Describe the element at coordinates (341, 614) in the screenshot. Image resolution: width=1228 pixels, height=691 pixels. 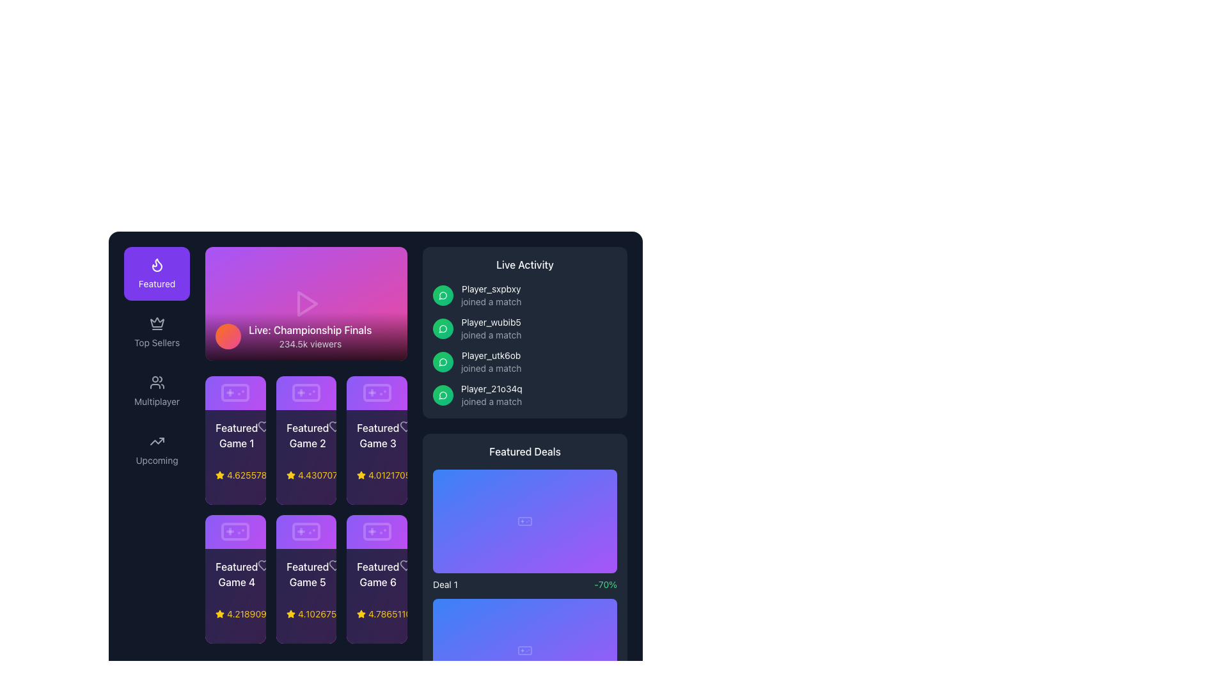
I see `contents of the yellow text label displaying a numerical rating, located in the bottom row of the grid layout under the 'Featured Game 5' card, positioned to the right of the star icon` at that location.